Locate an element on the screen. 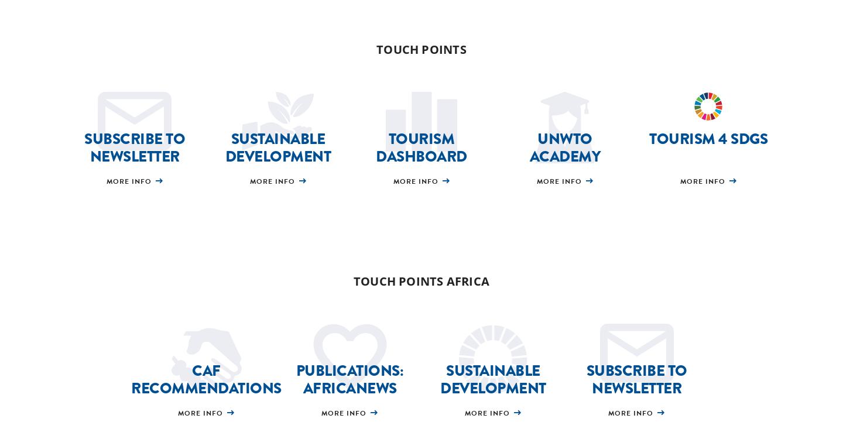 This screenshot has height=439, width=843. 'Tourism Dashboard' is located at coordinates (421, 147).